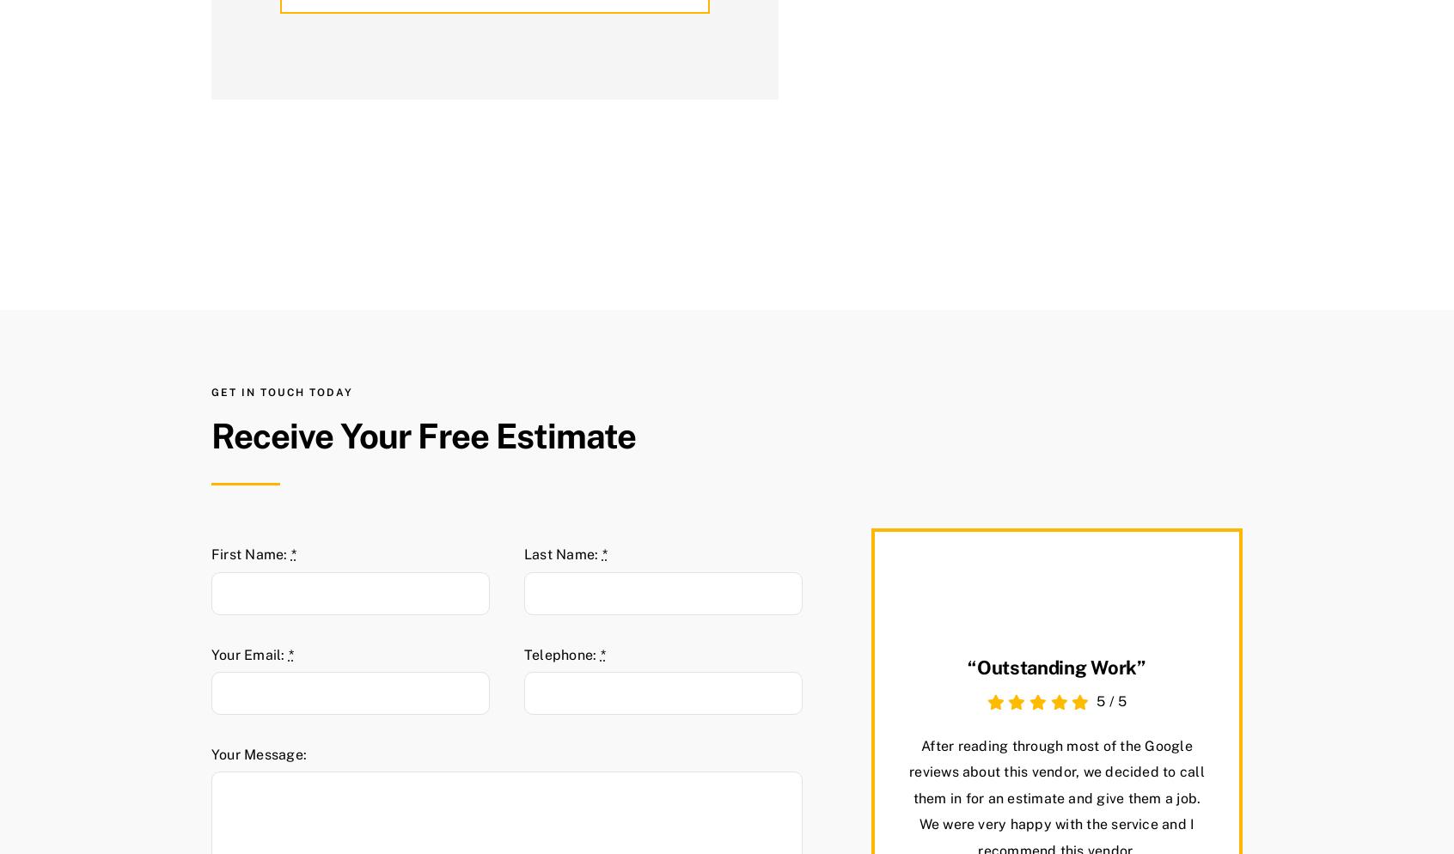 The height and width of the screenshot is (854, 1454). What do you see at coordinates (248, 653) in the screenshot?
I see `'Your Email:'` at bounding box center [248, 653].